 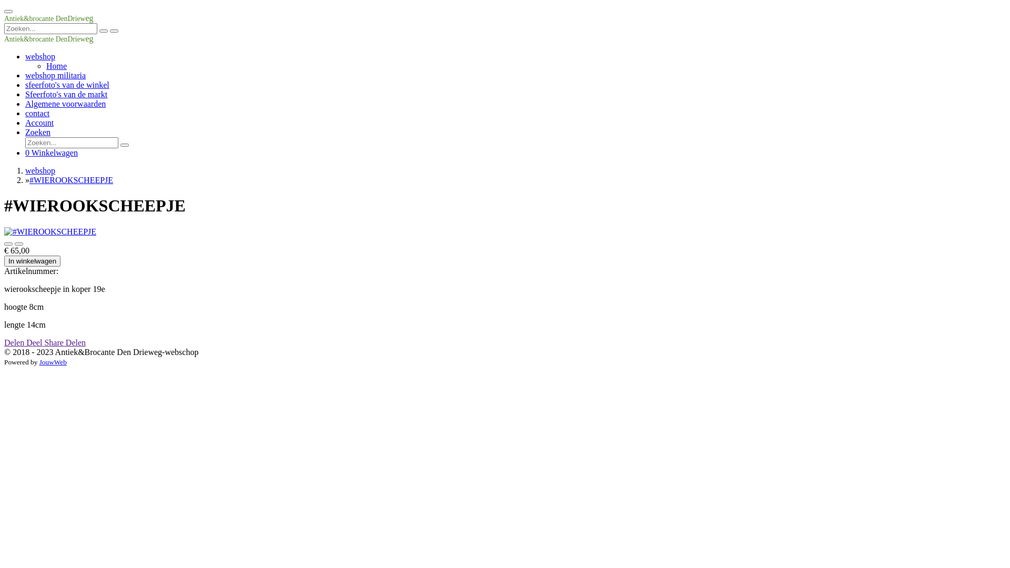 I want to click on '0 Winkelwagen', so click(x=50, y=153).